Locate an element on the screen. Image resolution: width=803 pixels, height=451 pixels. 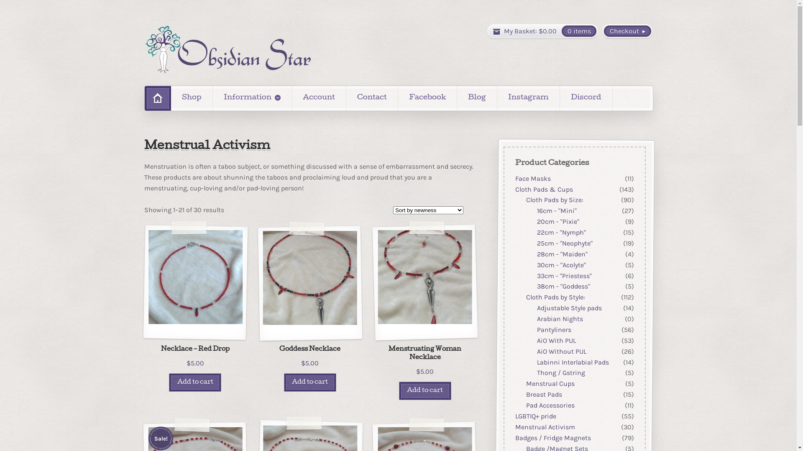
'Instagram' is located at coordinates (528, 98).